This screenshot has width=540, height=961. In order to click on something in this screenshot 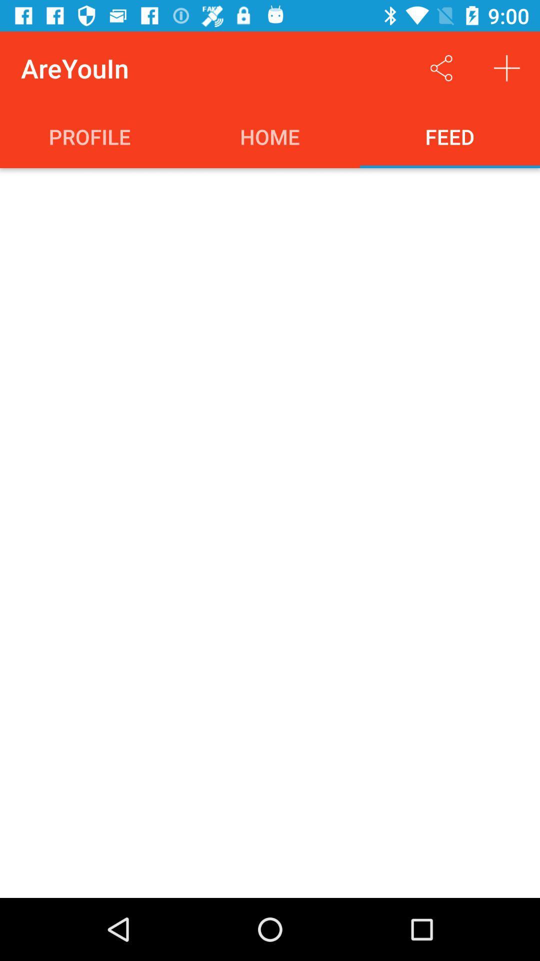, I will do `click(507, 68)`.